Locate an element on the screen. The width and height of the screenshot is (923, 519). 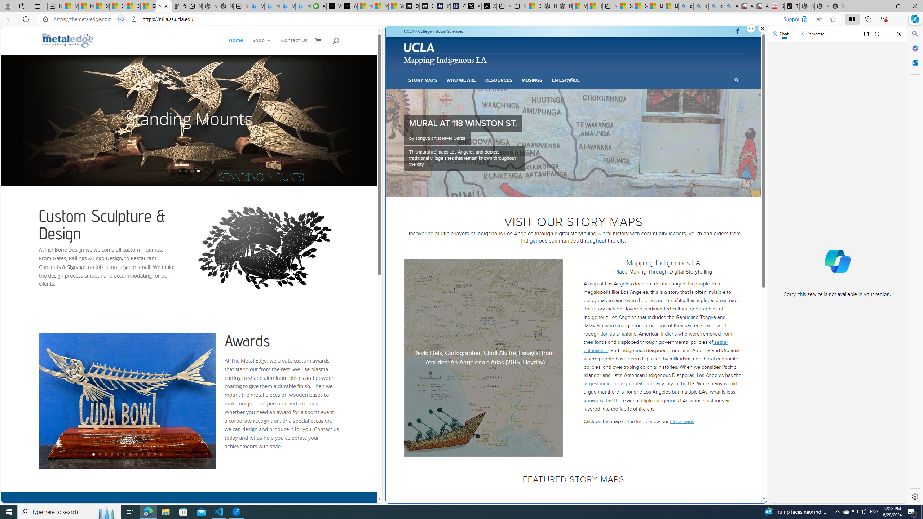
'story maps' is located at coordinates (682, 421).